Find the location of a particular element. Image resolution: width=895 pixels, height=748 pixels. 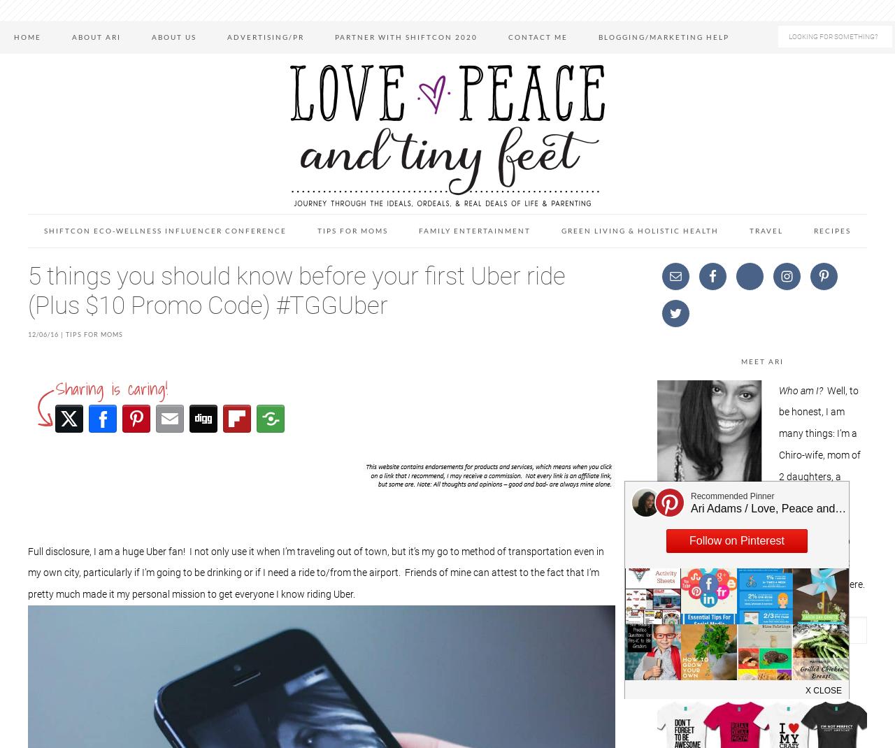

'About Ari' is located at coordinates (95, 36).